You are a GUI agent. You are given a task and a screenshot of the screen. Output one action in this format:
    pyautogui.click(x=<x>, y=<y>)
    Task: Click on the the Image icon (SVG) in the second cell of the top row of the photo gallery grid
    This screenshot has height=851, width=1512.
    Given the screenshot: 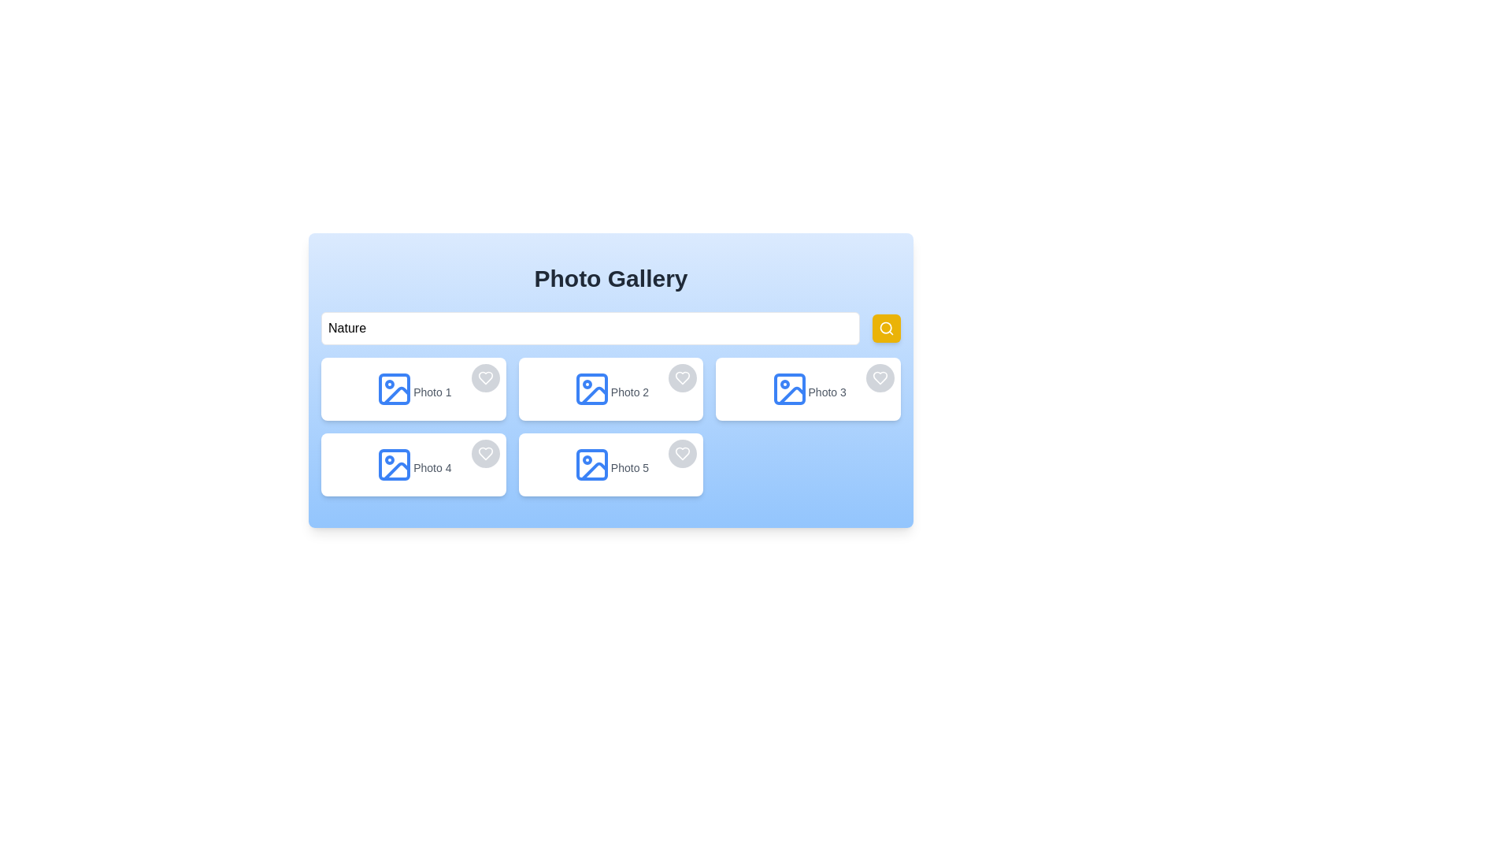 What is the action you would take?
    pyautogui.click(x=591, y=388)
    